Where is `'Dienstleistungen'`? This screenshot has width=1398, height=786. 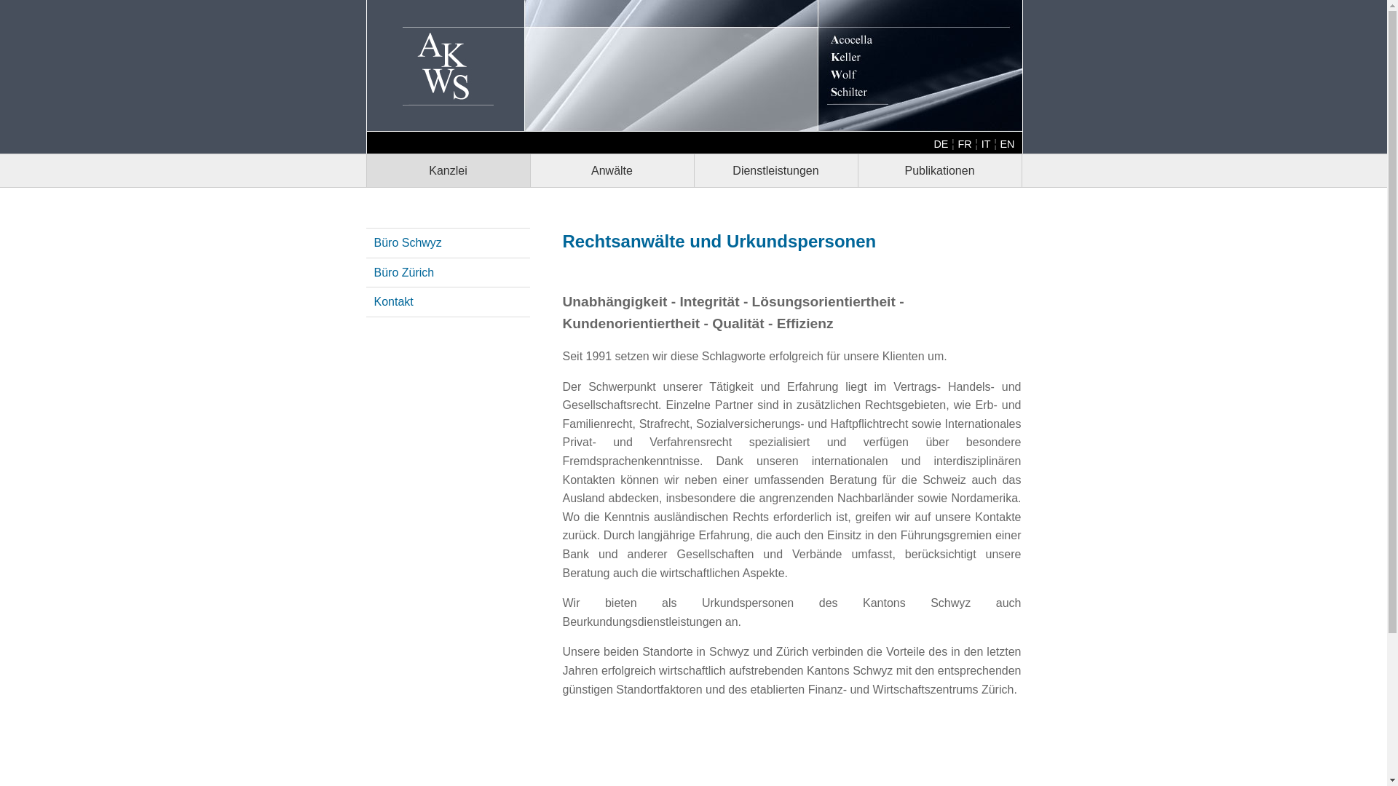
'Dienstleistungen' is located at coordinates (775, 170).